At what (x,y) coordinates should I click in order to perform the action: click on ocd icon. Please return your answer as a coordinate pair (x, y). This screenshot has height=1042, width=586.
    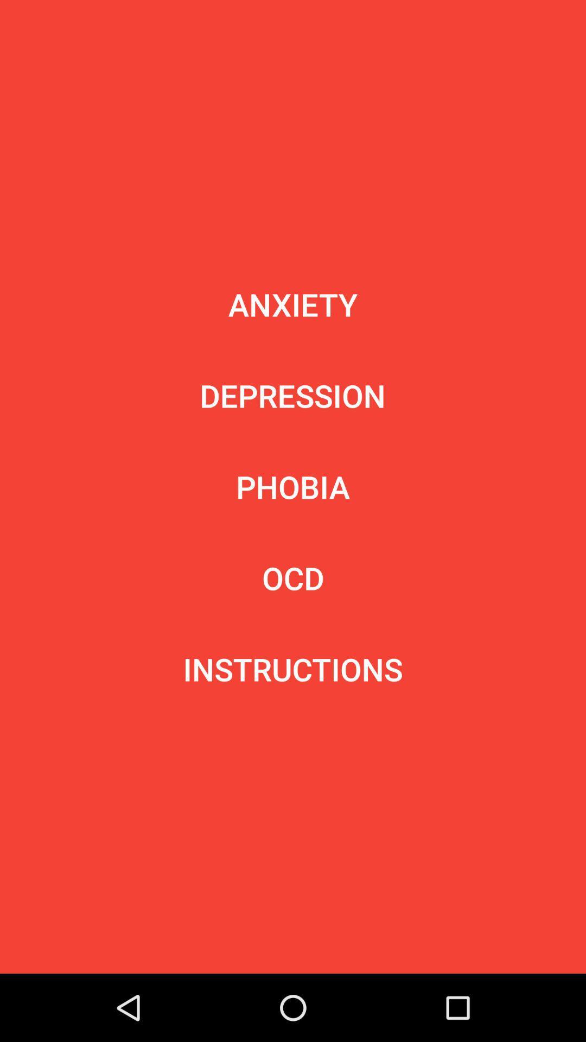
    Looking at the image, I should click on (293, 577).